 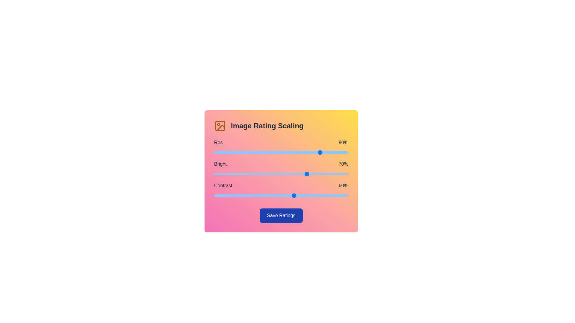 I want to click on the contrast, so click(x=285, y=196).